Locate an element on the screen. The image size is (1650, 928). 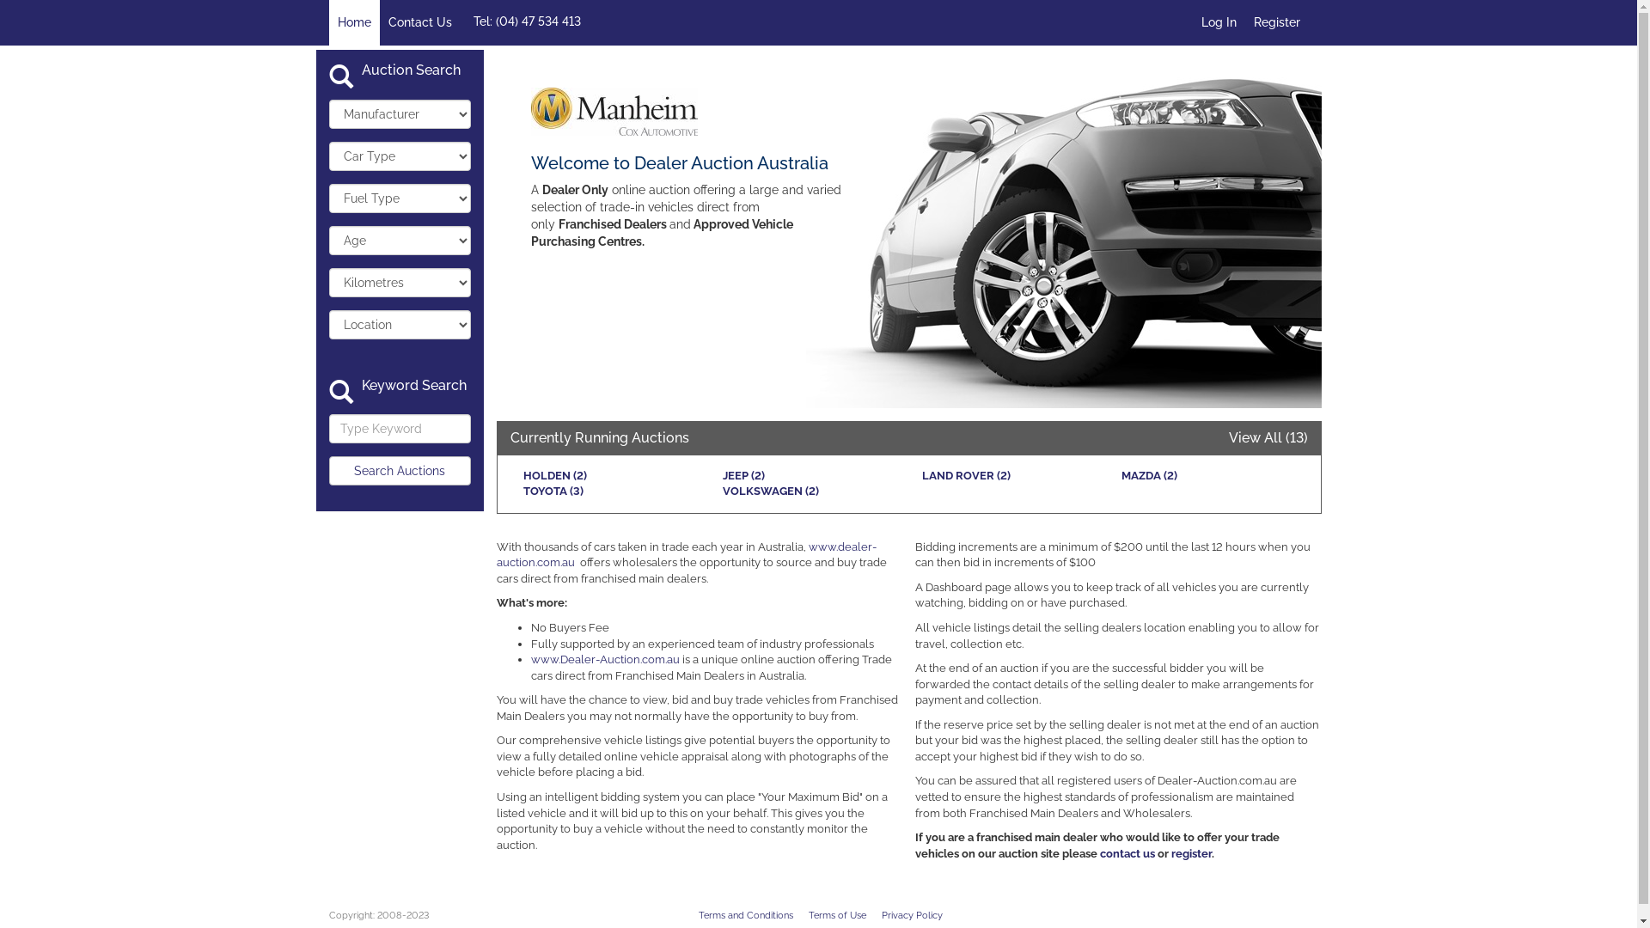
'Terms and Conditions' is located at coordinates (745, 914).